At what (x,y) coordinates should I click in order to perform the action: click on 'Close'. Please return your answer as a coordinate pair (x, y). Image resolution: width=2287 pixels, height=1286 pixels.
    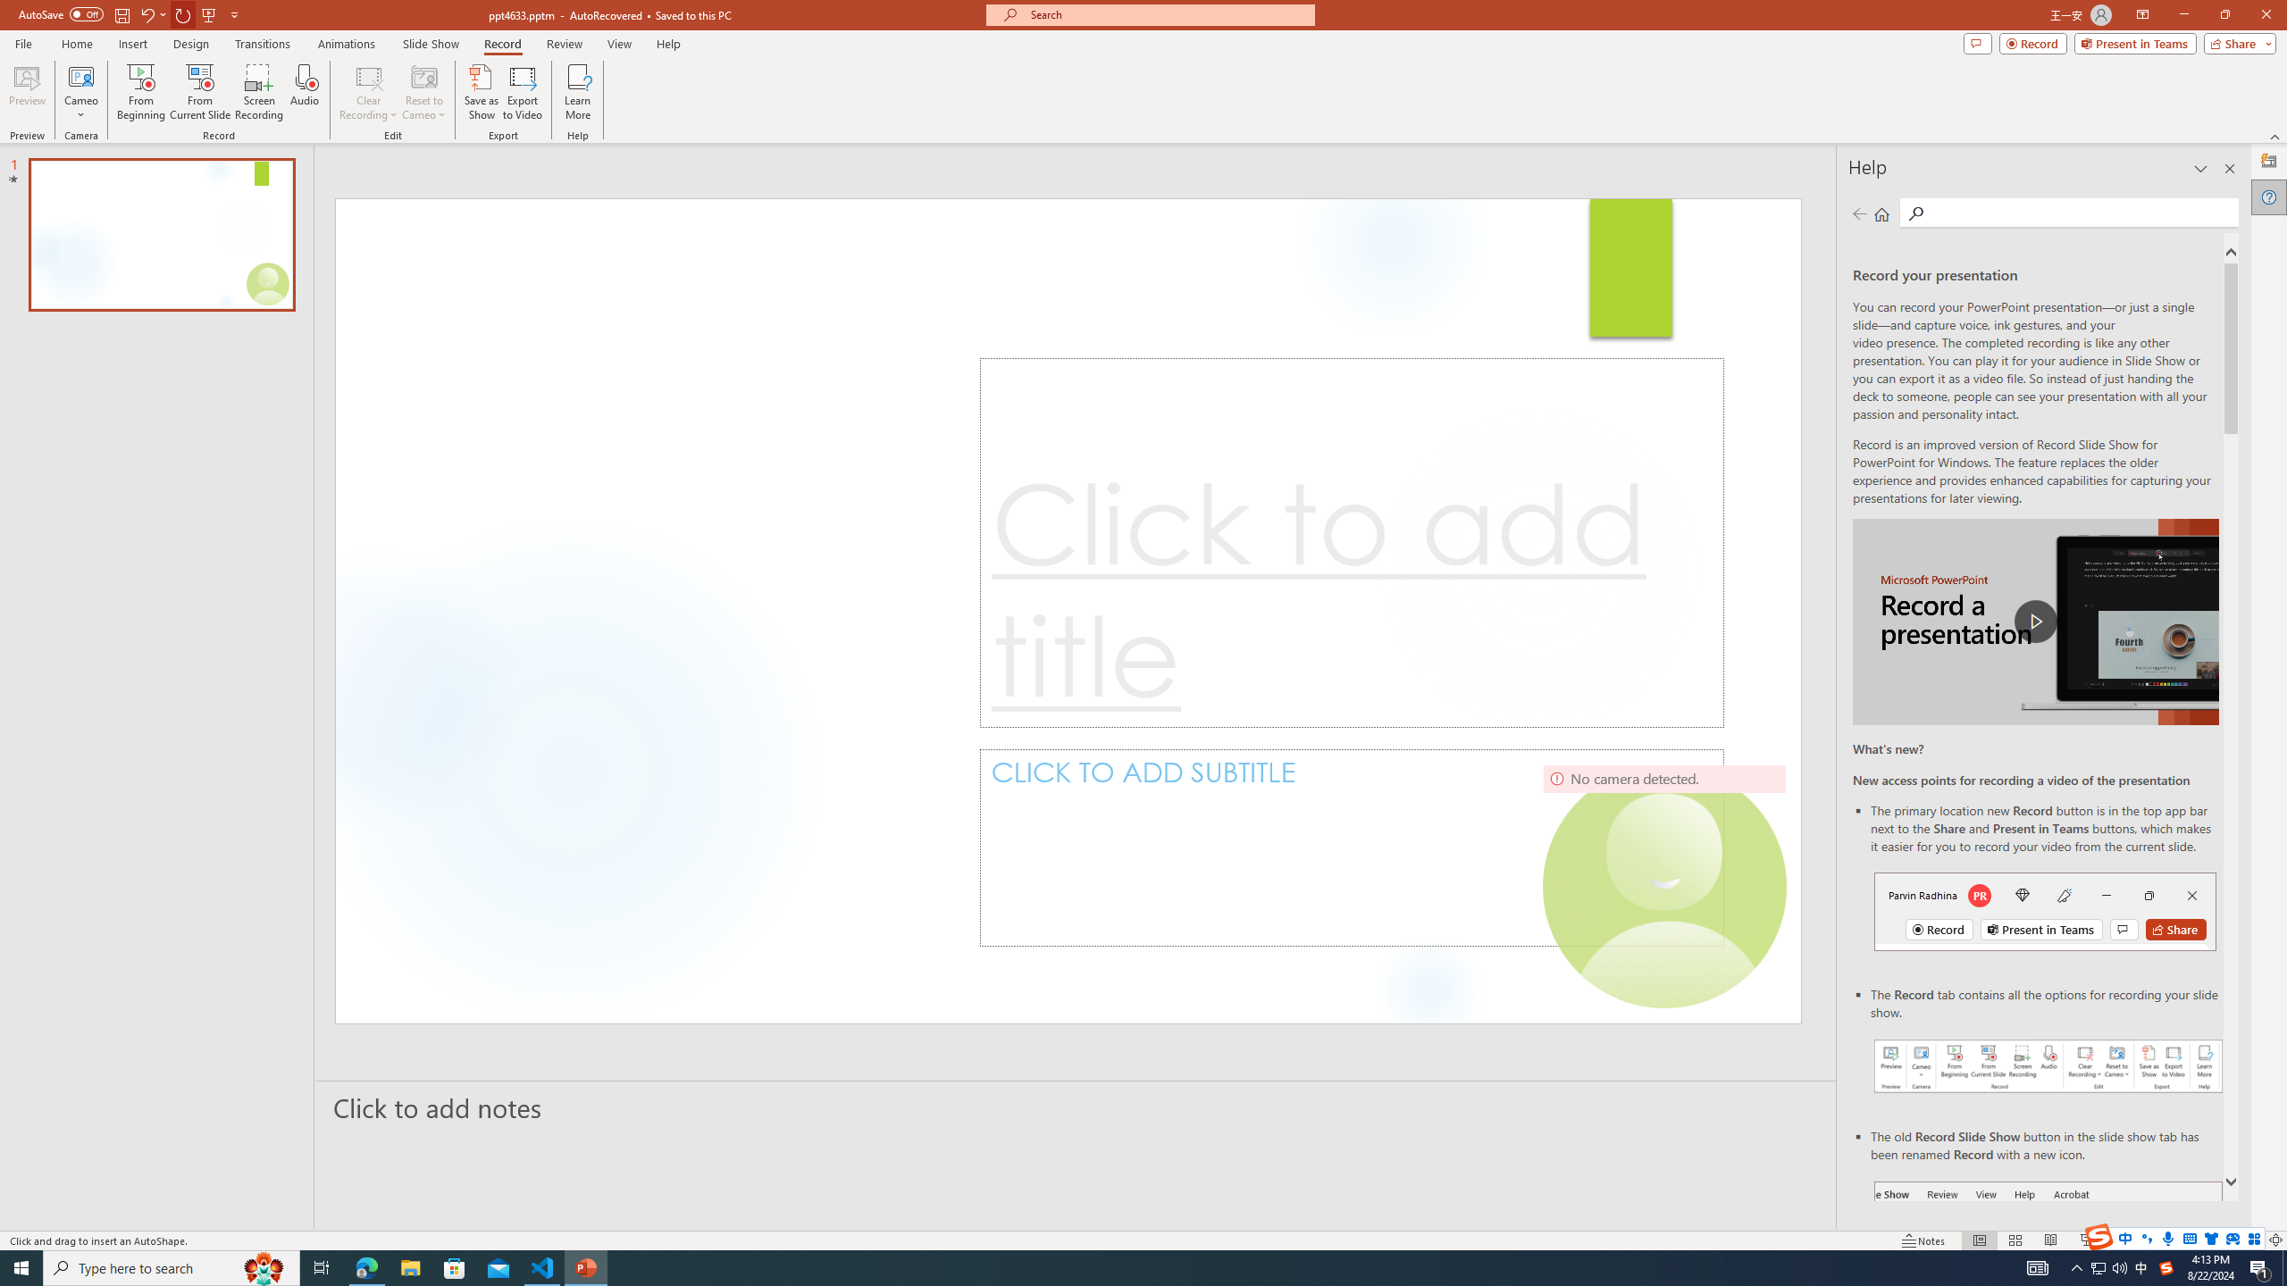
    Looking at the image, I should click on (2265, 14).